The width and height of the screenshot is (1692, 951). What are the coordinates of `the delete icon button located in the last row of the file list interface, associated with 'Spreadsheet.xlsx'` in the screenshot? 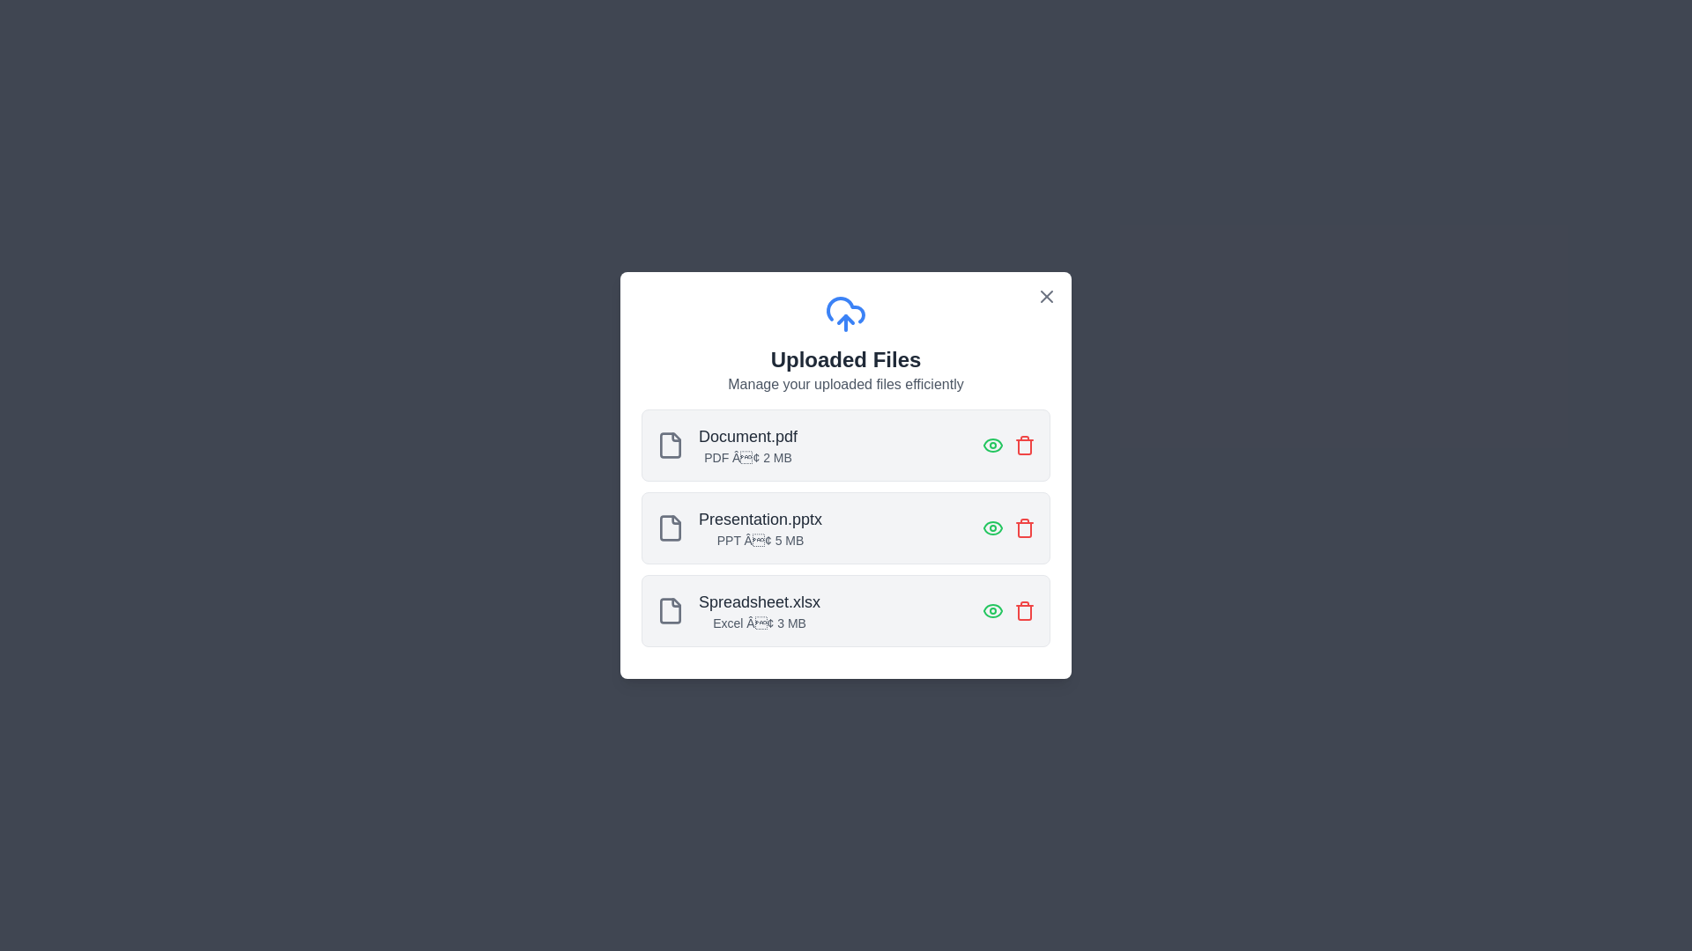 It's located at (1024, 610).